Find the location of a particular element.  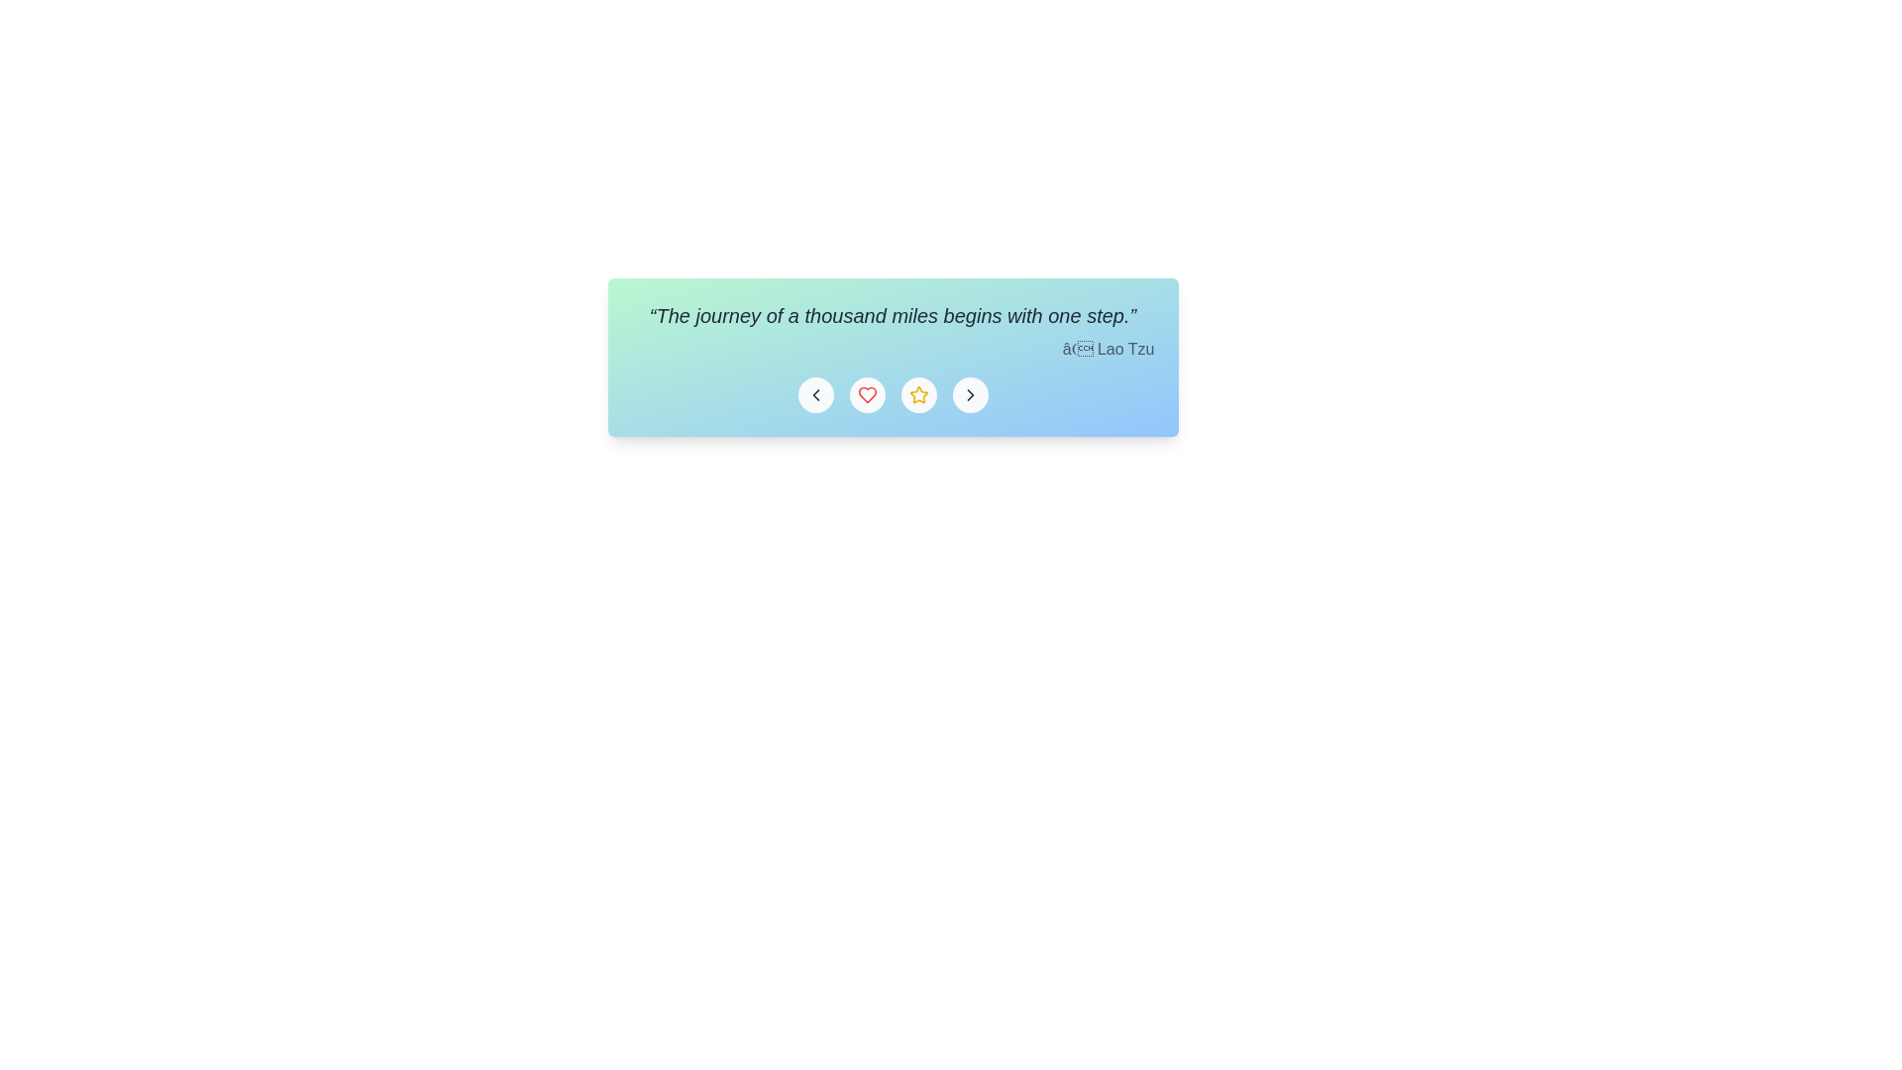

the circular button with a light gray background and a yellow star icon is located at coordinates (917, 394).